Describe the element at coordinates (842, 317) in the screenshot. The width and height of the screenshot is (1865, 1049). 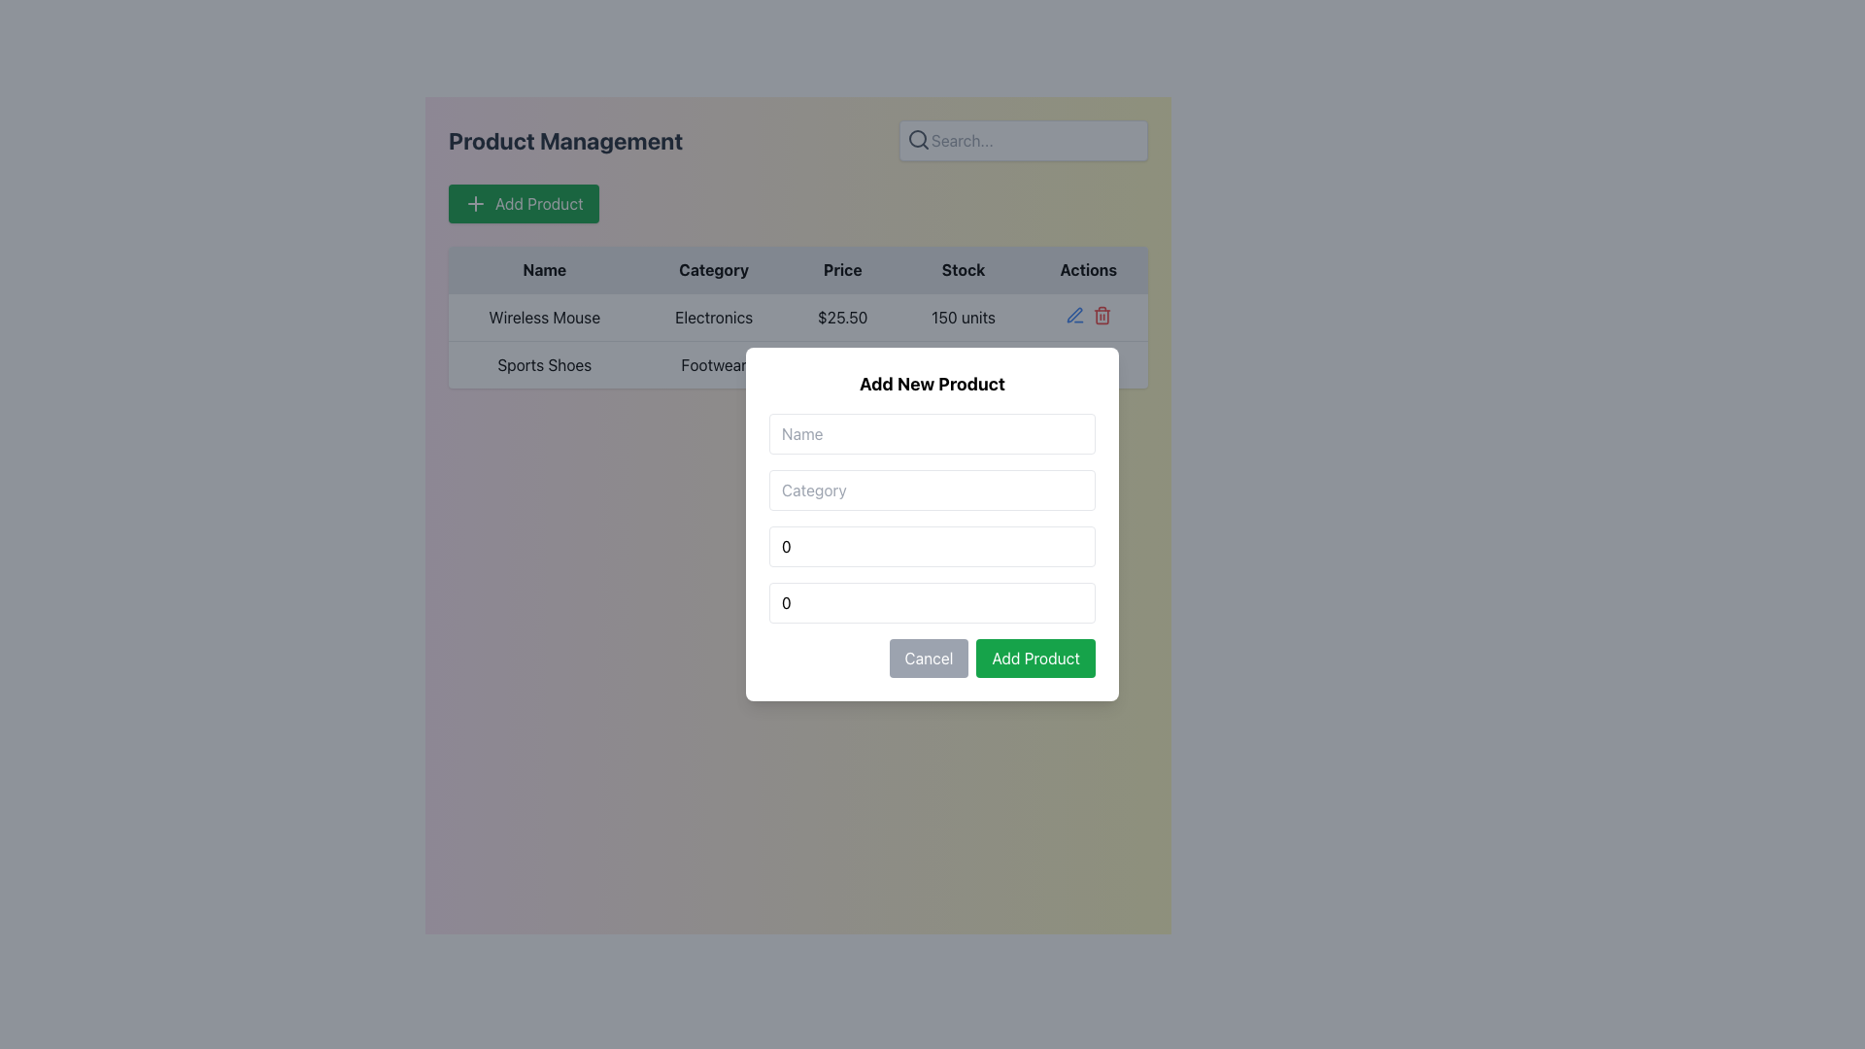
I see `the Text Label displaying the price '$25.50' located in the 'Price' column of the 'Wireless Mouse' row in the product table` at that location.